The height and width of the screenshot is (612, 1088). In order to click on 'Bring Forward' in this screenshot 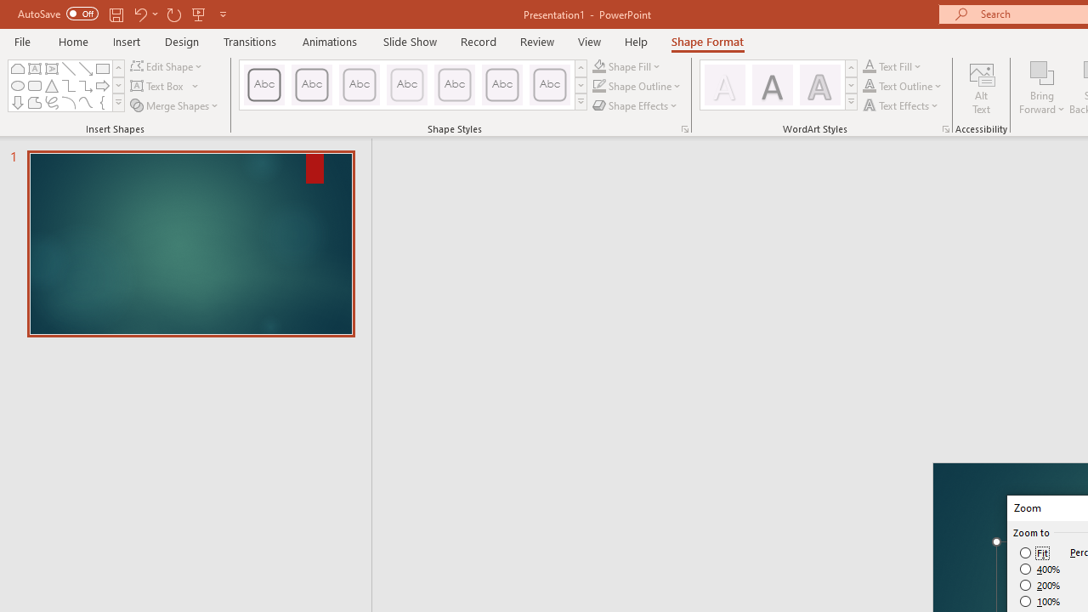, I will do `click(1041, 71)`.